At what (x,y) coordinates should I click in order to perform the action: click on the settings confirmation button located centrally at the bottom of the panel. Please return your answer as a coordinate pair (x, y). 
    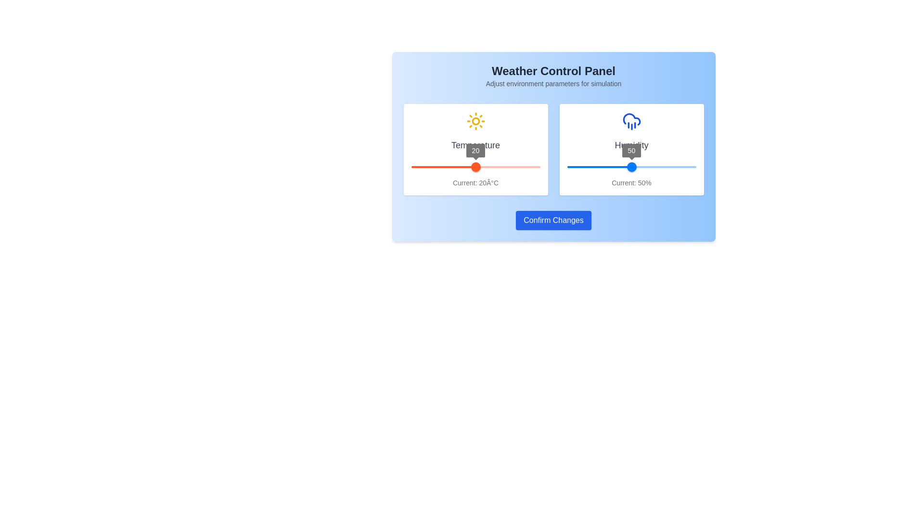
    Looking at the image, I should click on (553, 221).